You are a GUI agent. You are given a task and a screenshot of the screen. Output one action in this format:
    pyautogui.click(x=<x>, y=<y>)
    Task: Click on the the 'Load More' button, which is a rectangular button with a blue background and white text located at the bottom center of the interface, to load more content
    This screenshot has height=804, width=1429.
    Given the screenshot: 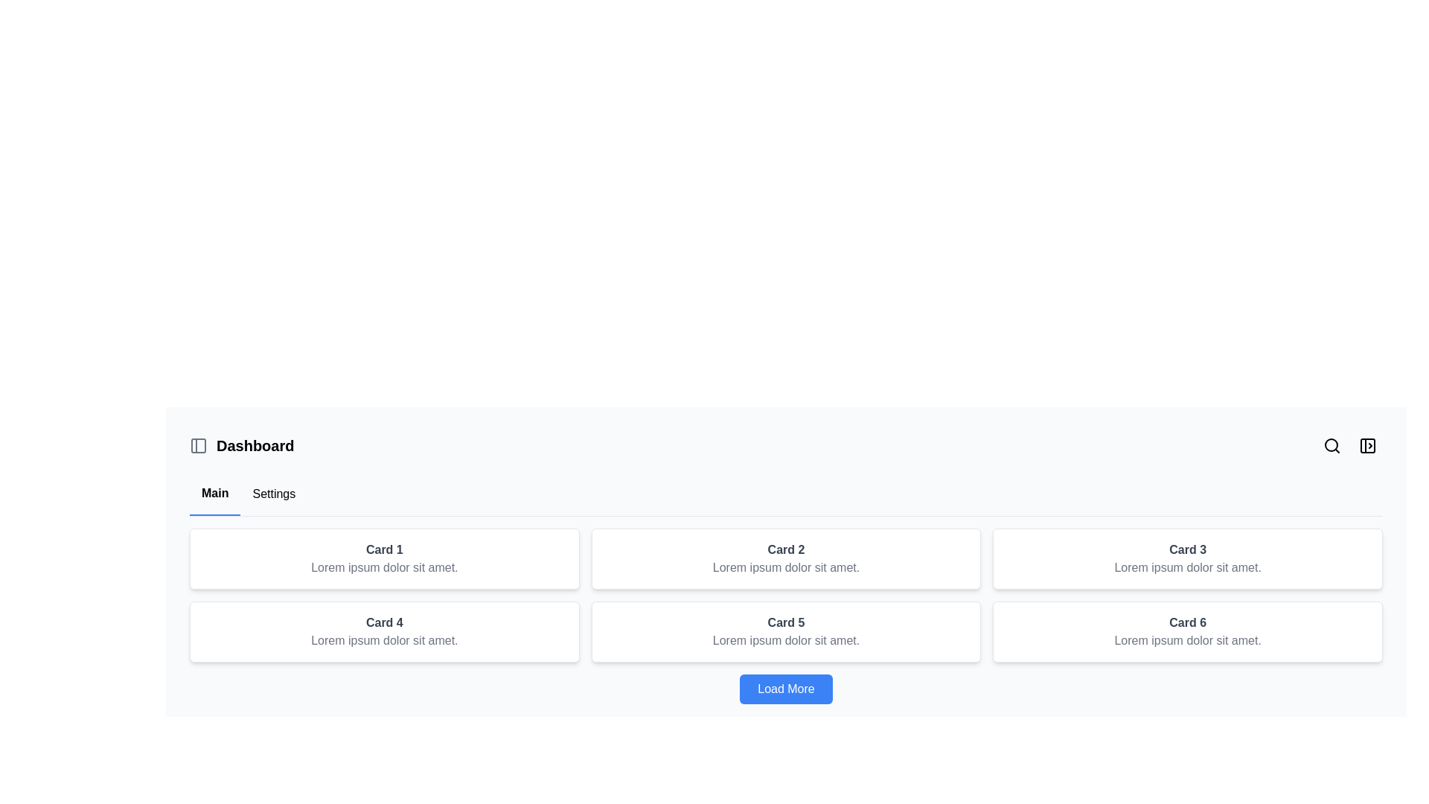 What is the action you would take?
    pyautogui.click(x=785, y=689)
    